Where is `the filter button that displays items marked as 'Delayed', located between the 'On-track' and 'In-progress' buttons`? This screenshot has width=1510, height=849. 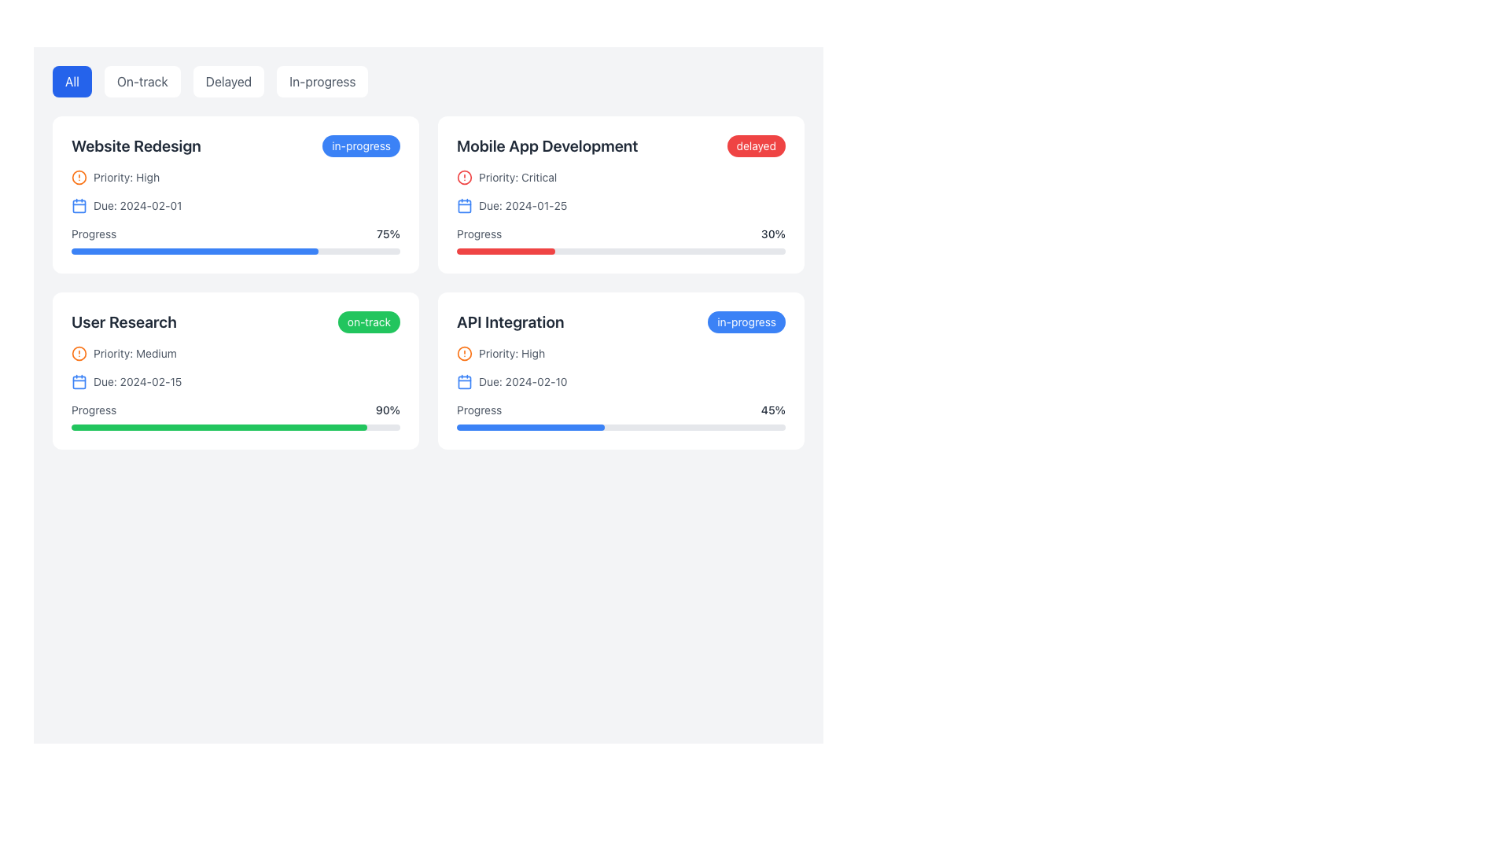 the filter button that displays items marked as 'Delayed', located between the 'On-track' and 'In-progress' buttons is located at coordinates (228, 82).